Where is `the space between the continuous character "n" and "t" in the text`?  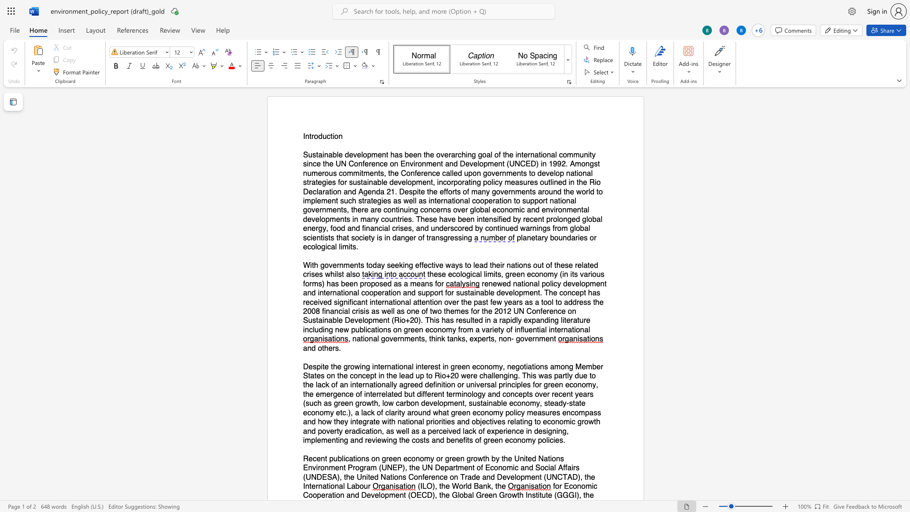 the space between the continuous character "n" and "t" in the text is located at coordinates (357, 265).